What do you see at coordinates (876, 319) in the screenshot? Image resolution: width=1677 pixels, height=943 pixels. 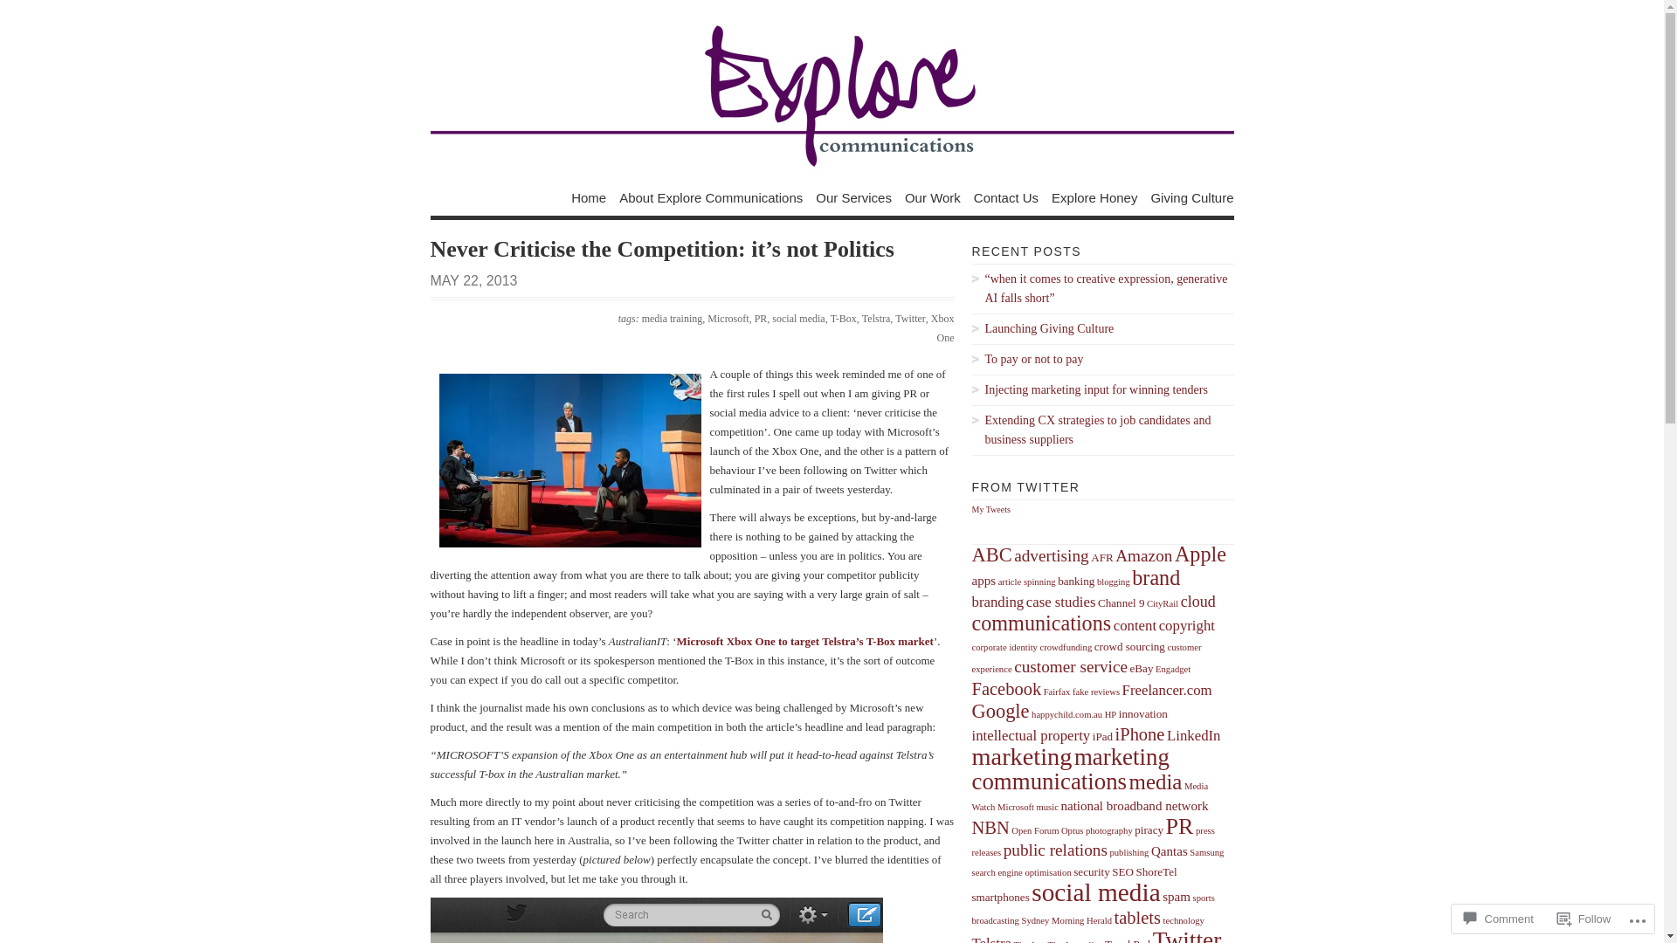 I see `'Telstra'` at bounding box center [876, 319].